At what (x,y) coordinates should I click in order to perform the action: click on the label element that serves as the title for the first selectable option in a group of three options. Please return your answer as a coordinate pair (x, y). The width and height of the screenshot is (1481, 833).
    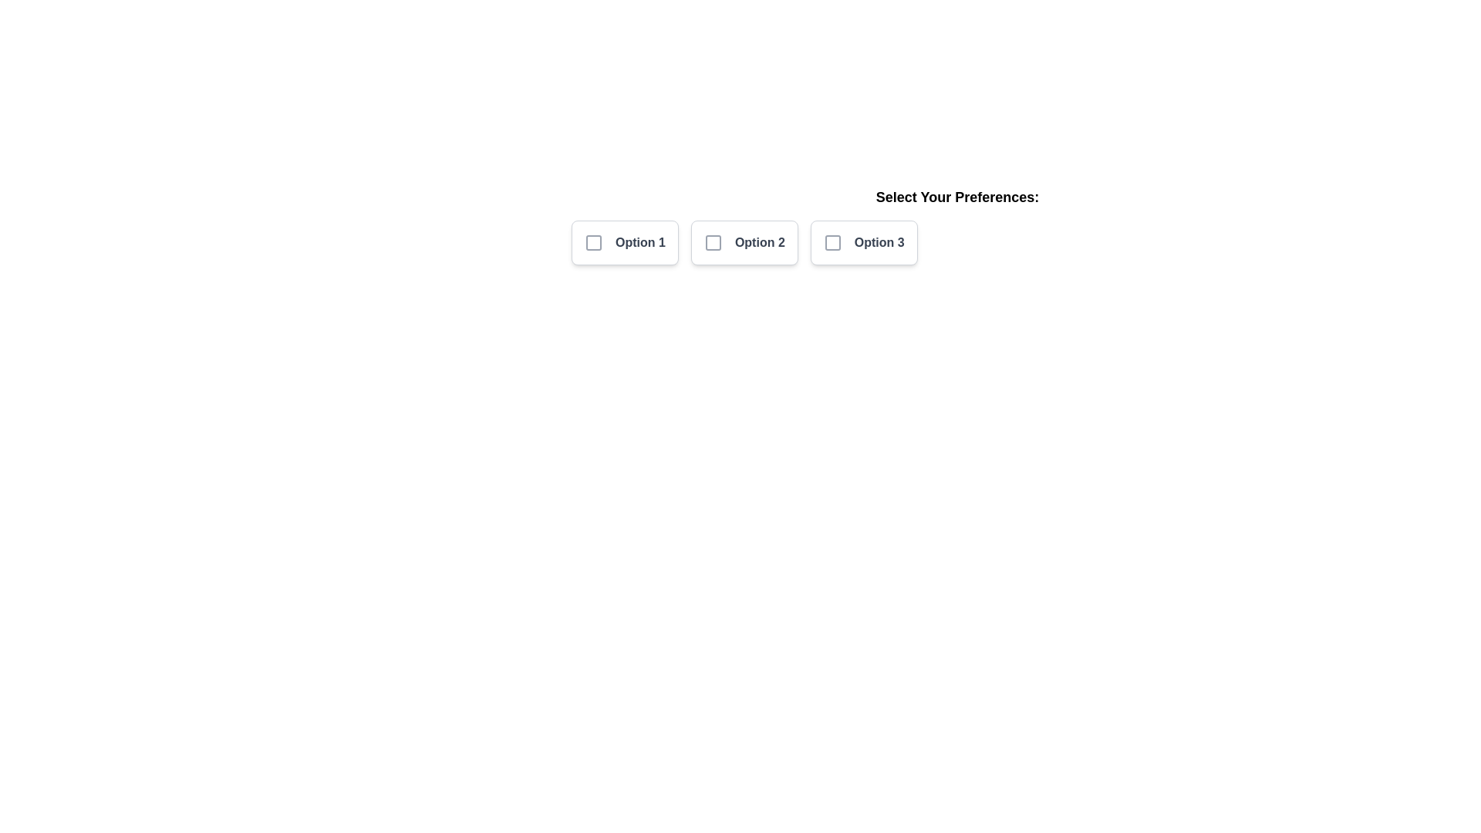
    Looking at the image, I should click on (640, 243).